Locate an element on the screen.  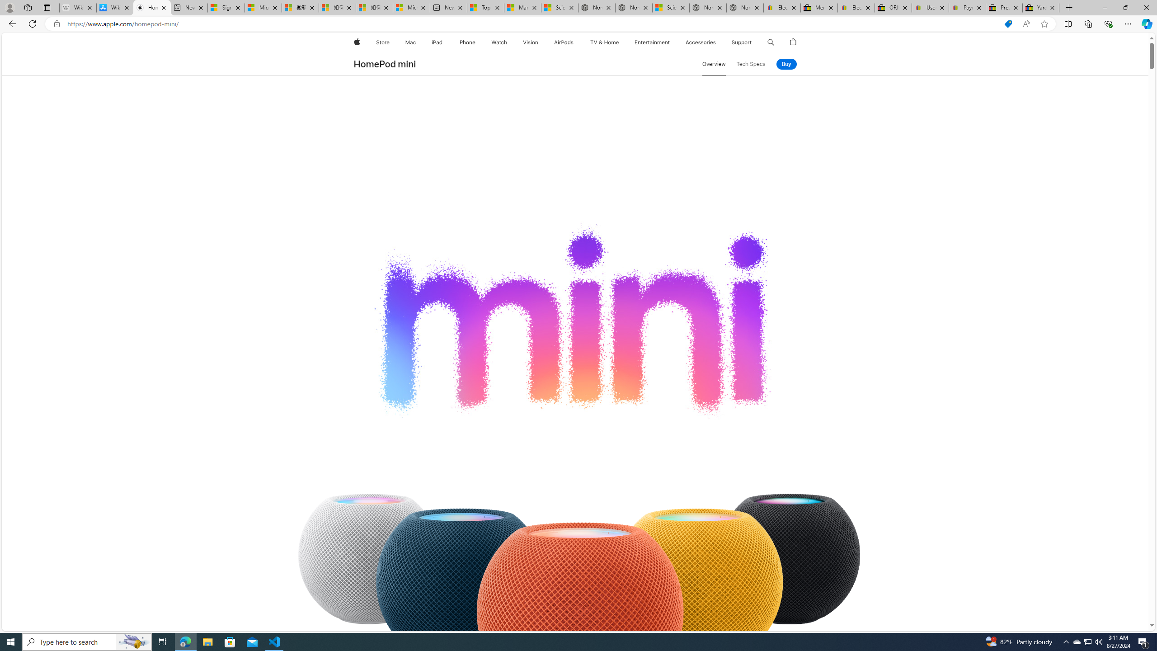
'Store' is located at coordinates (382, 42).